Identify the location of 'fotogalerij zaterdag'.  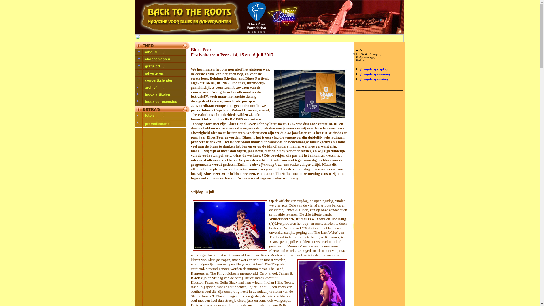
(375, 73).